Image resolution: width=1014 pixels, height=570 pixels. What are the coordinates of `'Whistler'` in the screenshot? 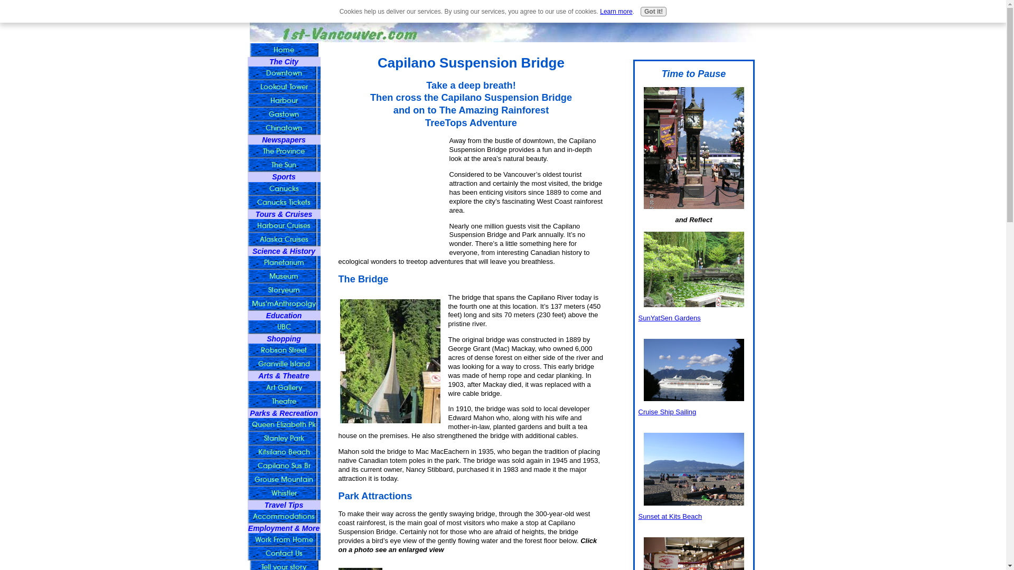 It's located at (284, 493).